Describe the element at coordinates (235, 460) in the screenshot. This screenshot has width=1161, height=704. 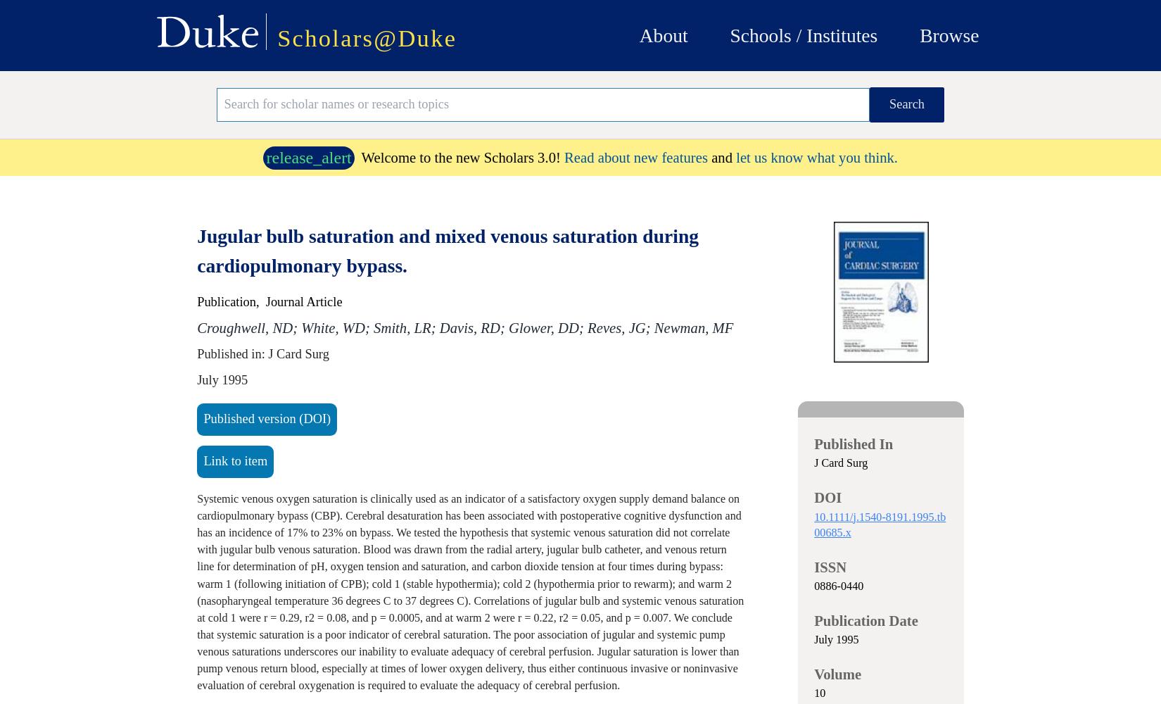
I see `'Link to item'` at that location.